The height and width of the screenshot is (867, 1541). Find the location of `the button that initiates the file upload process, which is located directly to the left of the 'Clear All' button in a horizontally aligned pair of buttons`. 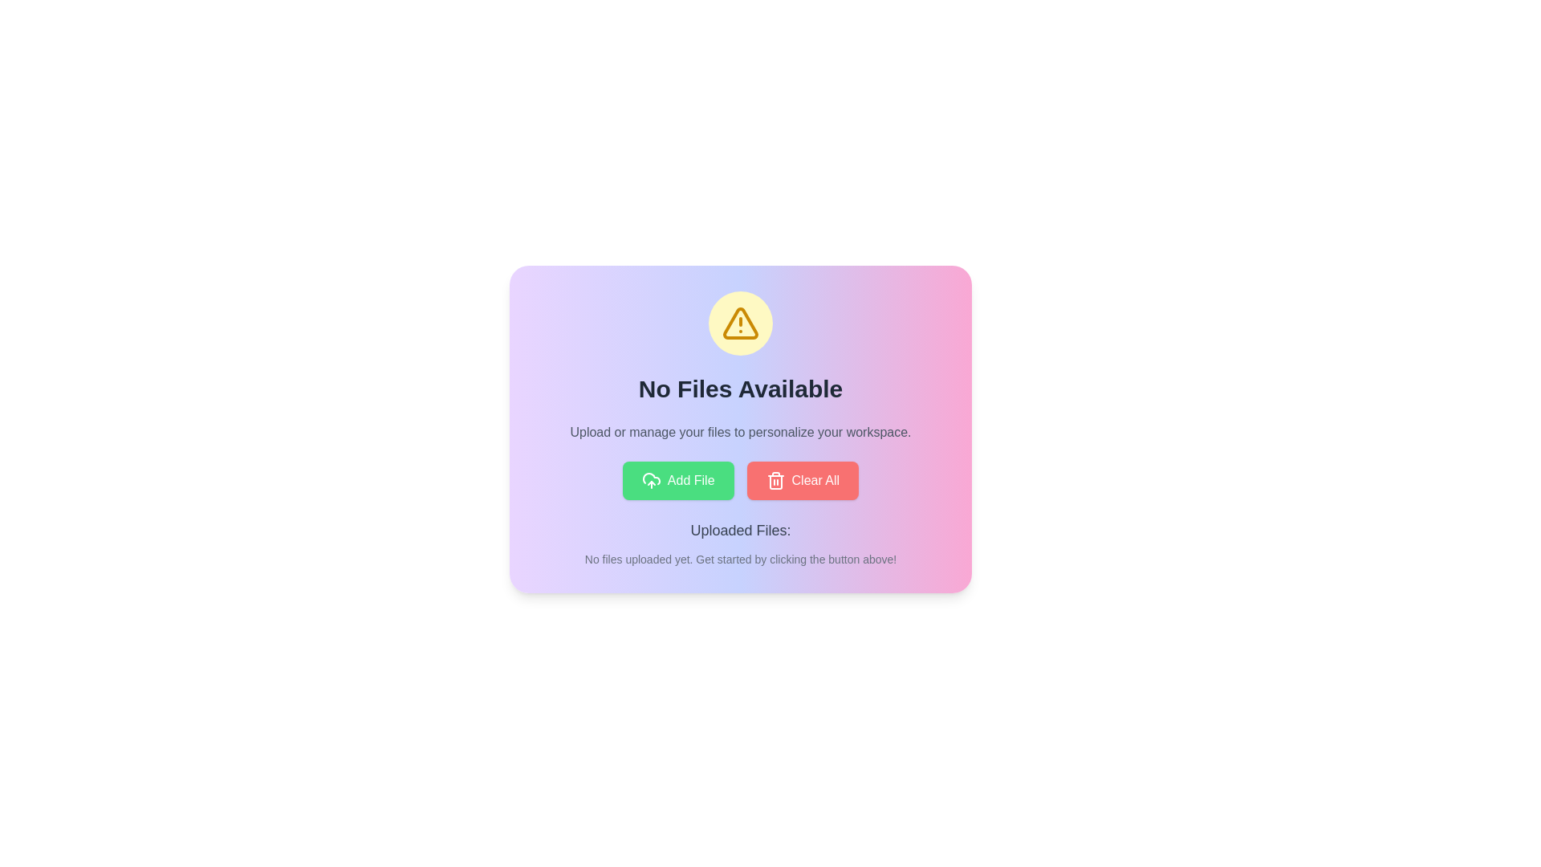

the button that initiates the file upload process, which is located directly to the left of the 'Clear All' button in a horizontally aligned pair of buttons is located at coordinates (678, 479).